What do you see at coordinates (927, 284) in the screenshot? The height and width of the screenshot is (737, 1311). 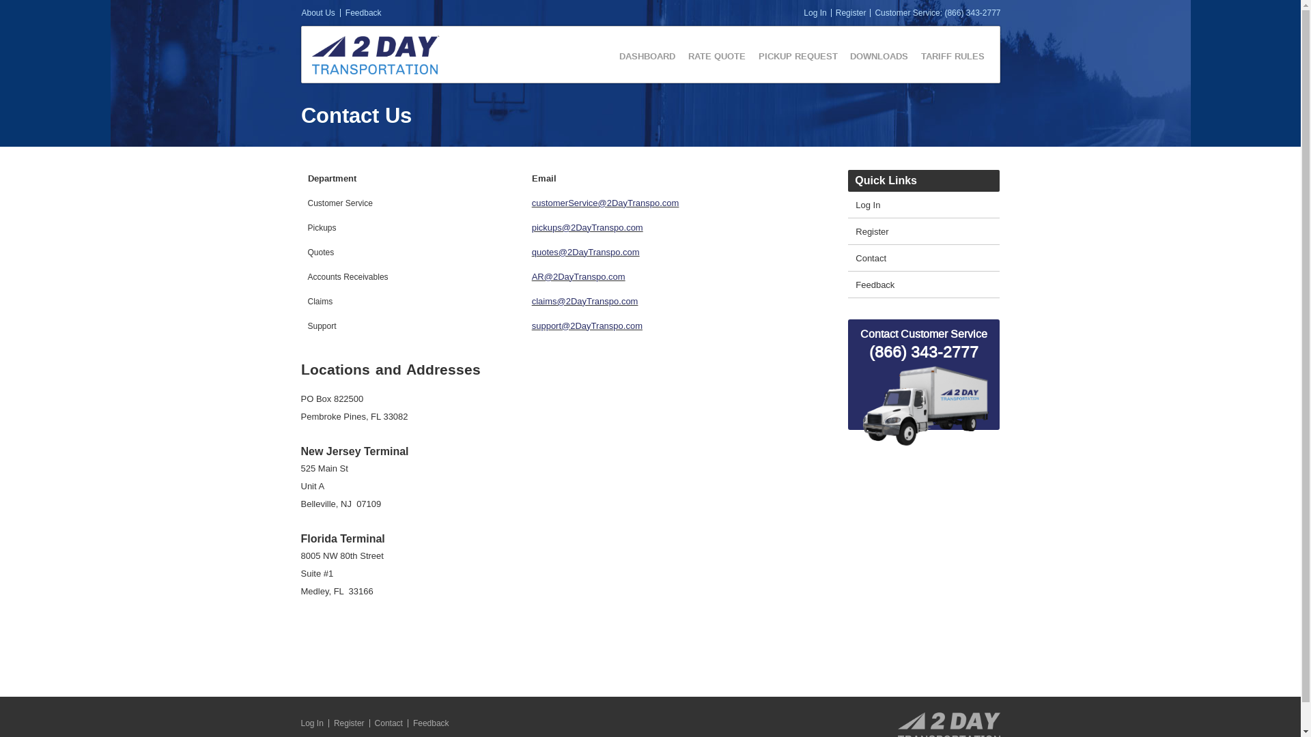 I see `'Feedback'` at bounding box center [927, 284].